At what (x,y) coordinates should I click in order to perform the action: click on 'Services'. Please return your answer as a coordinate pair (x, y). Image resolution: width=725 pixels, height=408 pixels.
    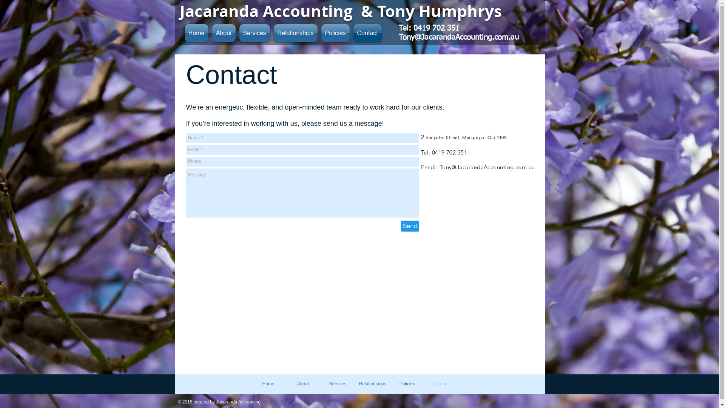
    Looking at the image, I should click on (254, 32).